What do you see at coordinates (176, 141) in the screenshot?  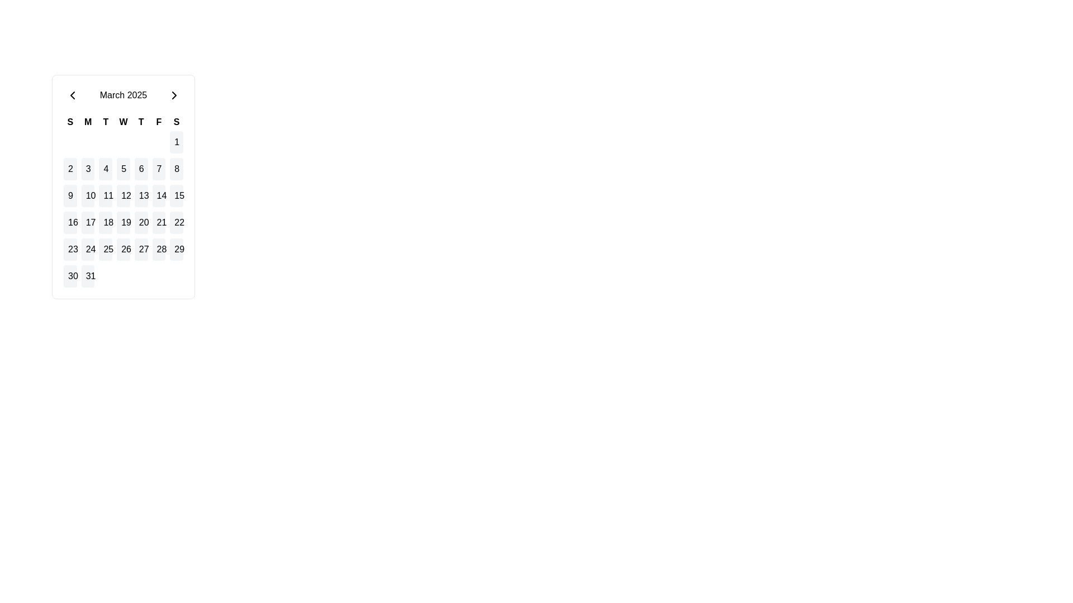 I see `the square-shaped button with rounded corners, light gray background, and centered black text displaying the number '1'` at bounding box center [176, 141].